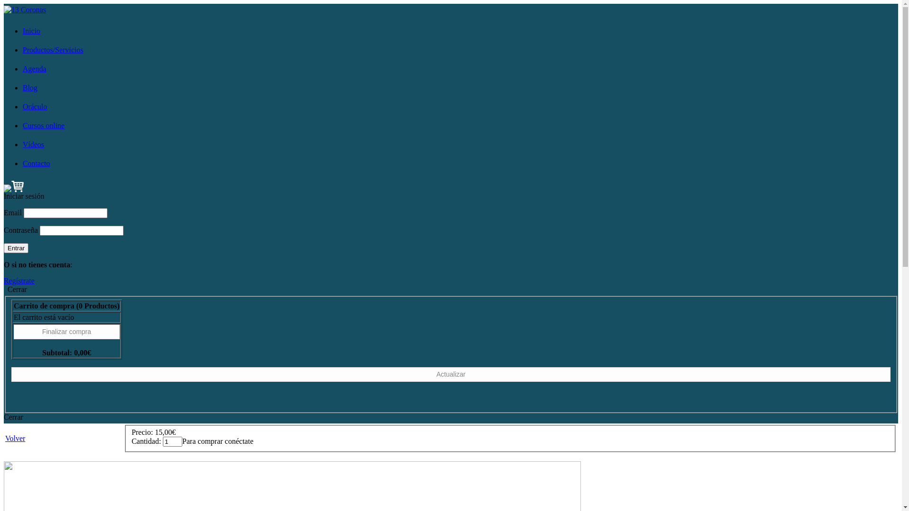 The image size is (909, 511). I want to click on 'Inicio', so click(31, 30).